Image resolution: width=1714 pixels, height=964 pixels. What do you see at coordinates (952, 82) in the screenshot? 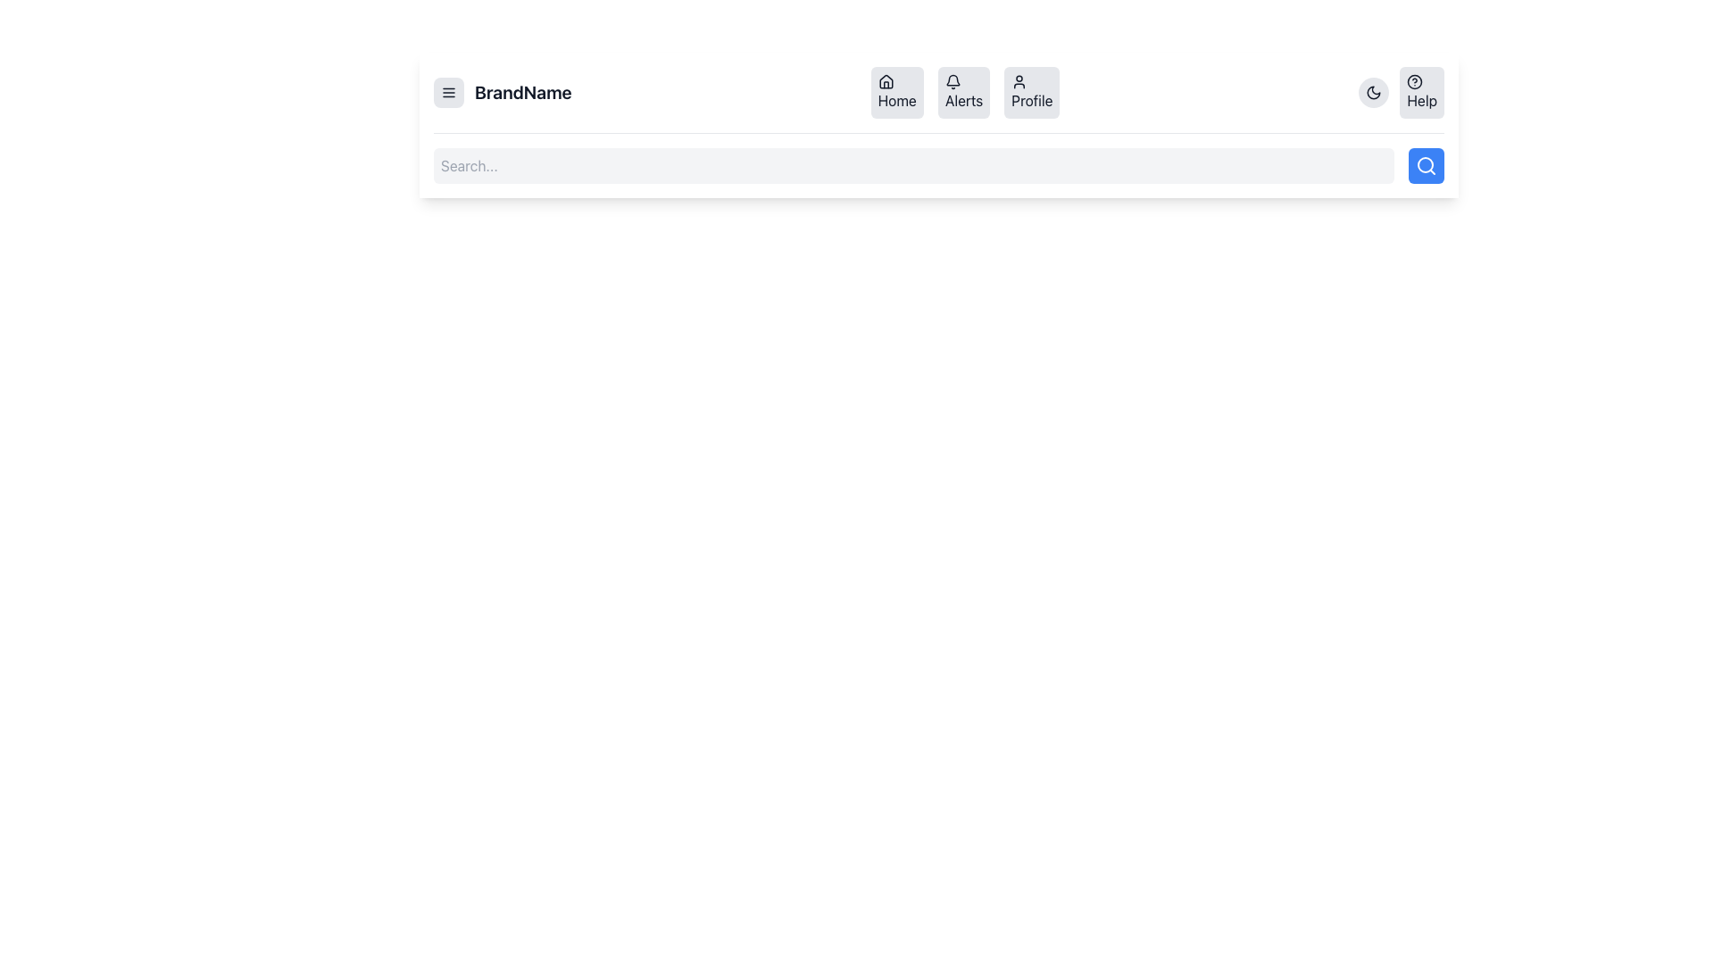
I see `the minimalist black outline bell icon located inside the 'Alerts' button in the top navigation bar, which is positioned between the 'Home' and 'Profile' buttons` at bounding box center [952, 82].